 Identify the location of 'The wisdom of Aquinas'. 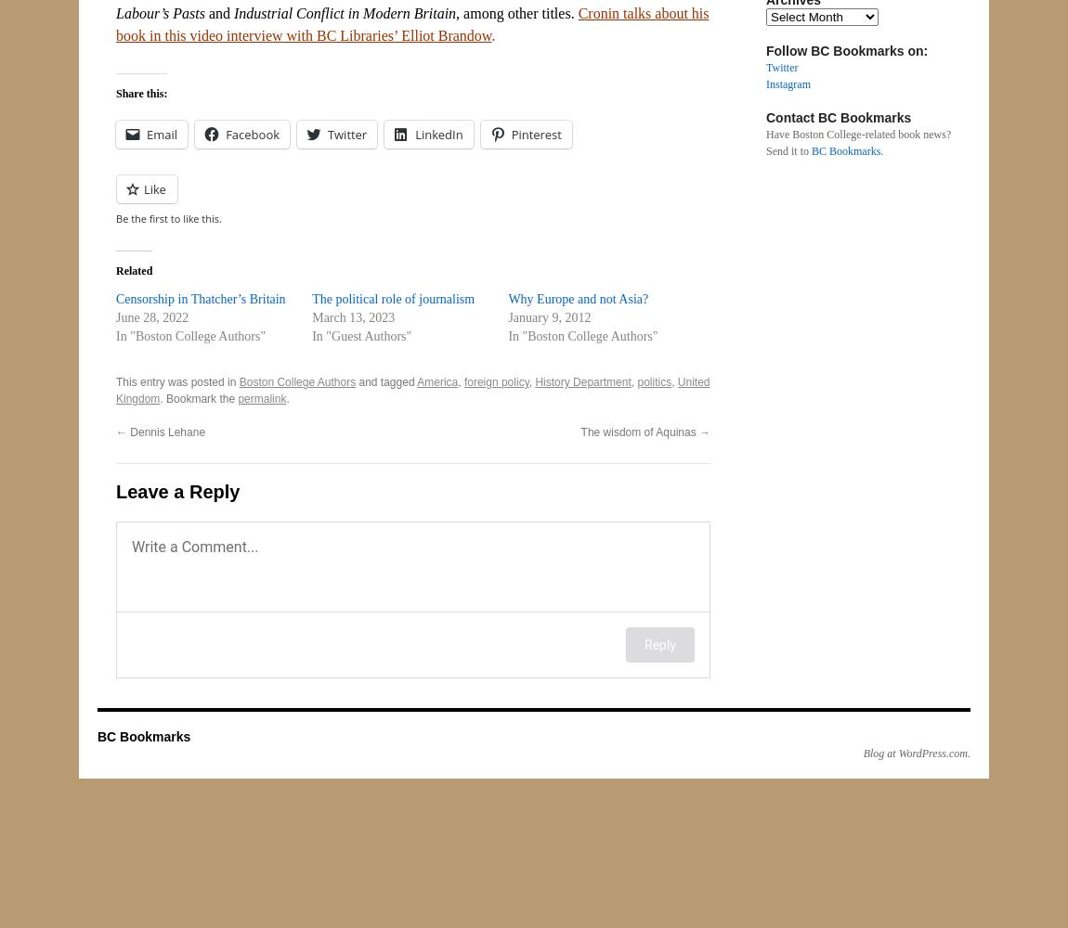
(580, 432).